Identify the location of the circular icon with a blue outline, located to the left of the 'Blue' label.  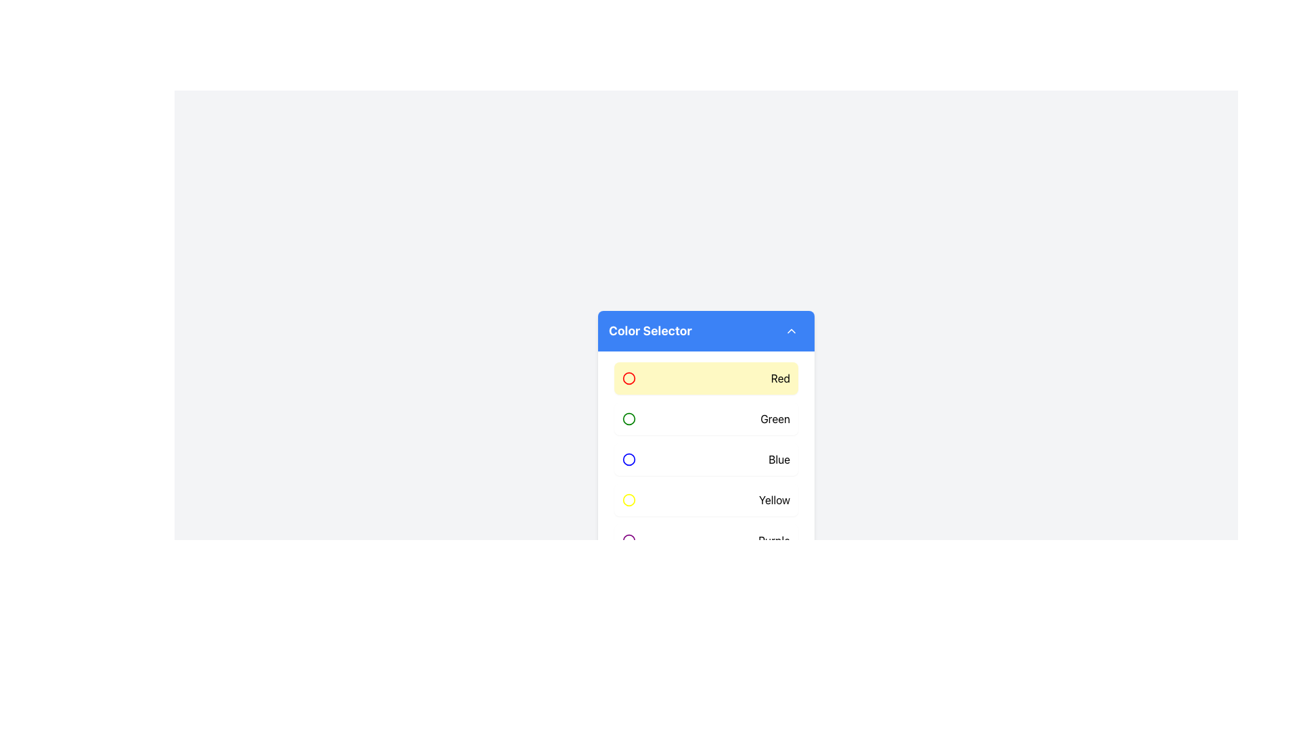
(629, 458).